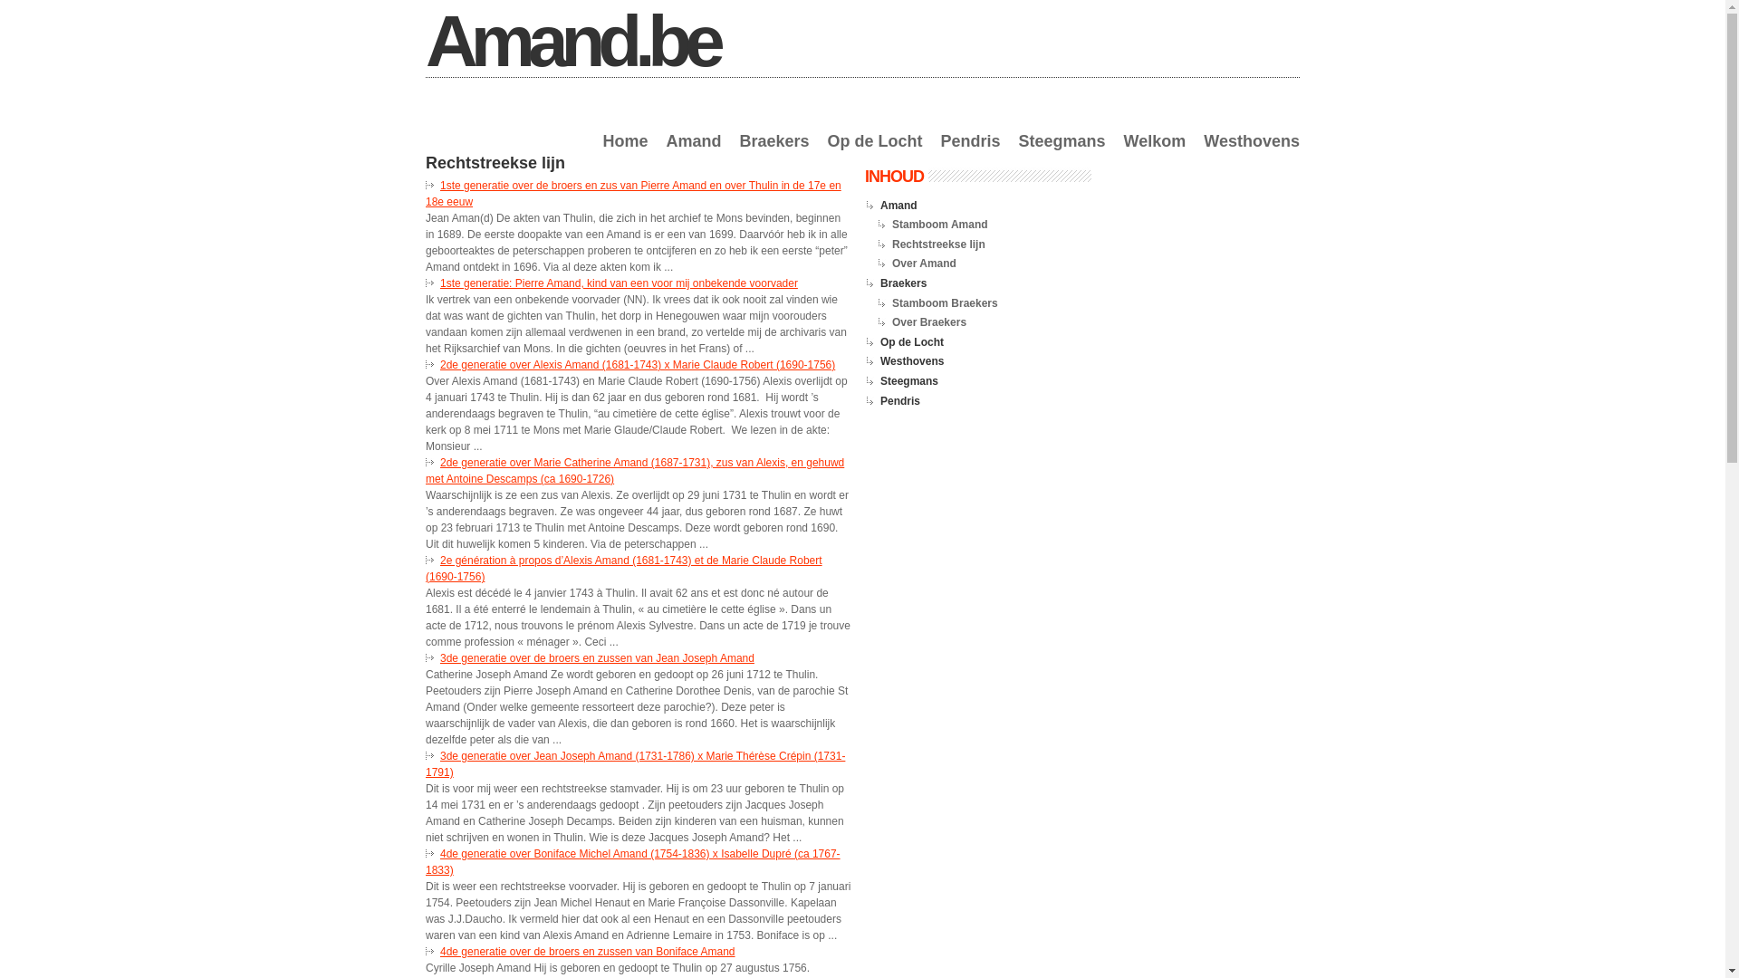 The height and width of the screenshot is (978, 1739). I want to click on 'Op de Locht', so click(879, 342).